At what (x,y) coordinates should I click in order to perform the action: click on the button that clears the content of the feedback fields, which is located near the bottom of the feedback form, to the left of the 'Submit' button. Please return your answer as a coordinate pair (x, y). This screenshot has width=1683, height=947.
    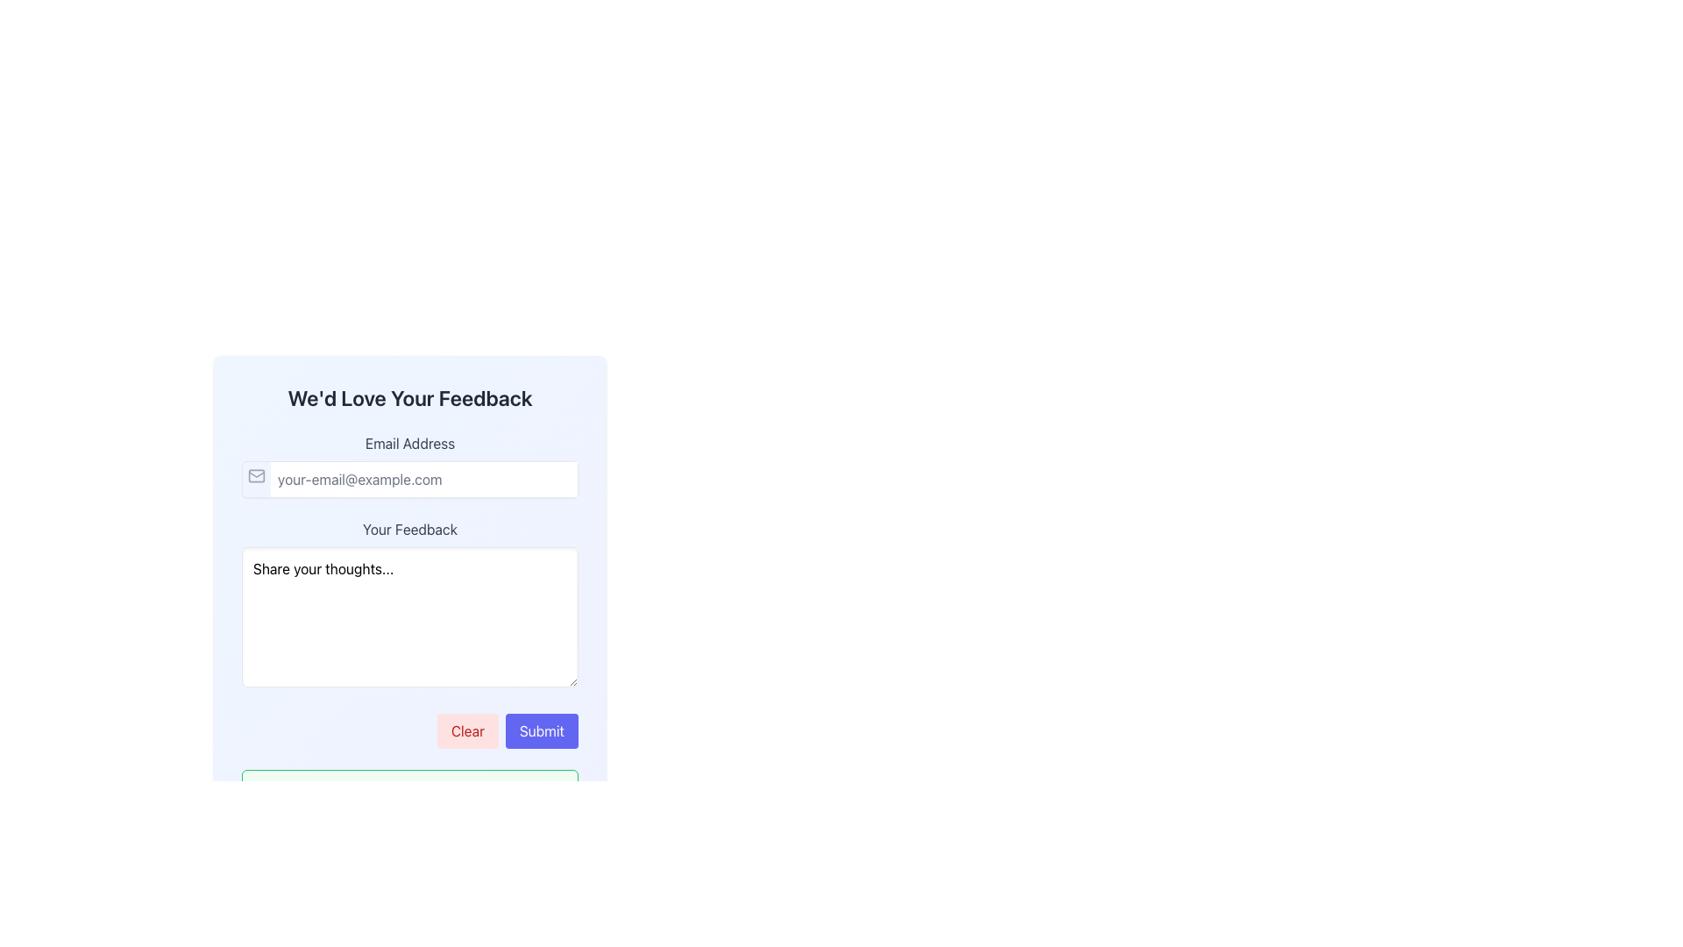
    Looking at the image, I should click on (467, 730).